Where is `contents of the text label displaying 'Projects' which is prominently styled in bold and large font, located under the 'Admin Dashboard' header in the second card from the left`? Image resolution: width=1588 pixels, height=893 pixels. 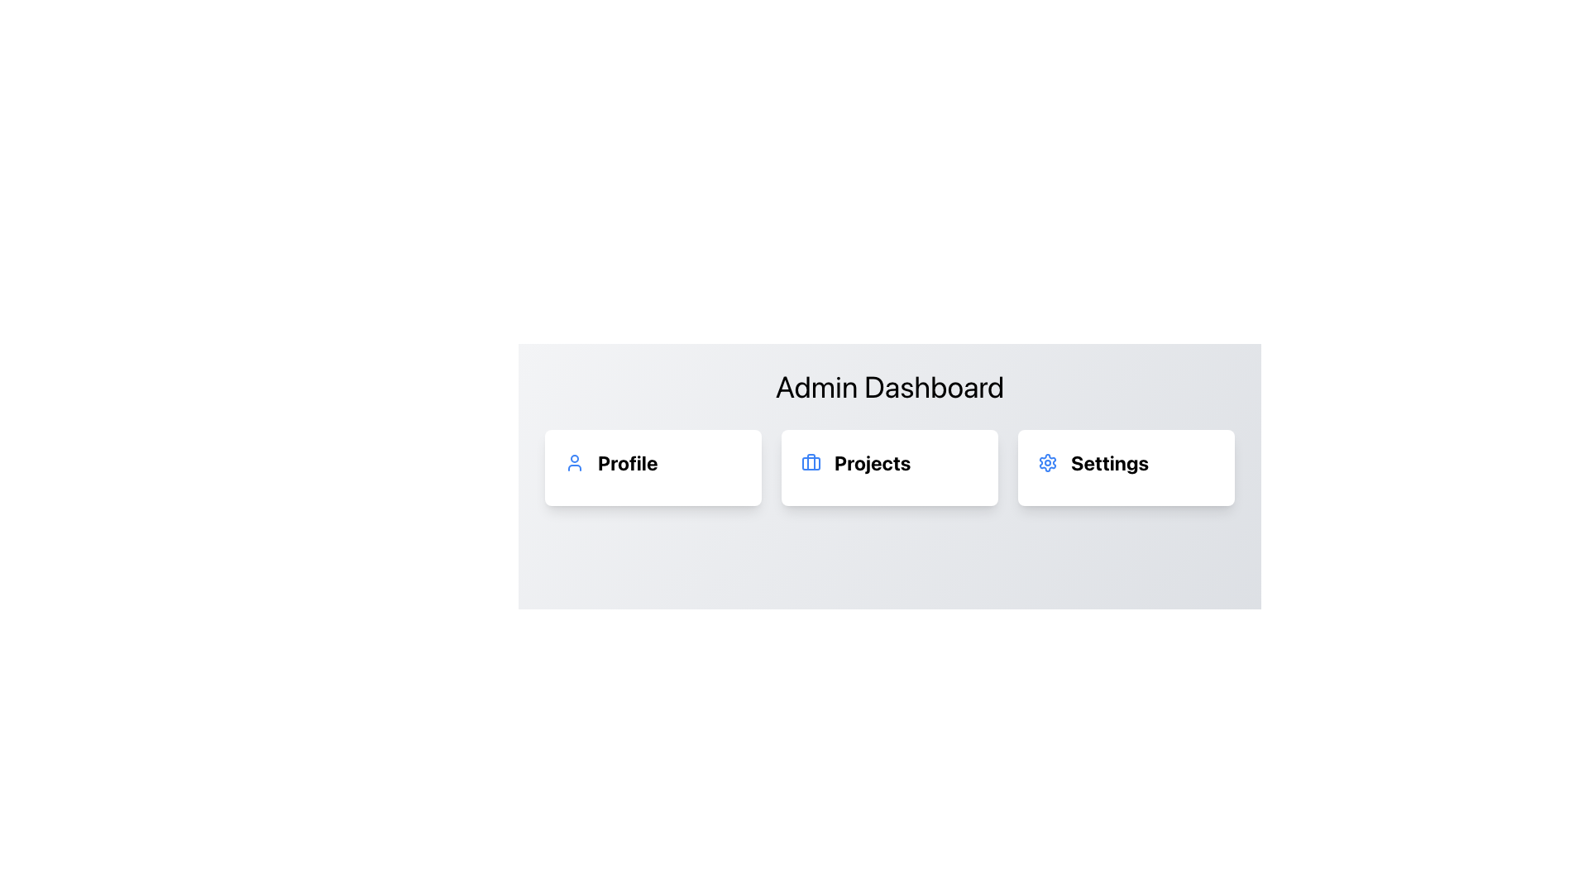 contents of the text label displaying 'Projects' which is prominently styled in bold and large font, located under the 'Admin Dashboard' header in the second card from the left is located at coordinates (872, 462).